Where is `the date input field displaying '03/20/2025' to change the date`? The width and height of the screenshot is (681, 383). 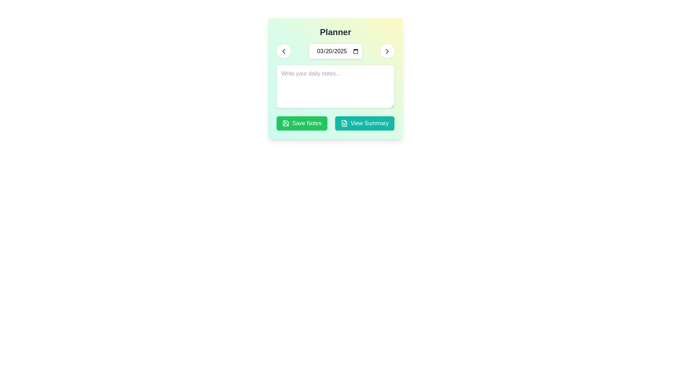
the date input field displaying '03/20/2025' to change the date is located at coordinates (335, 51).